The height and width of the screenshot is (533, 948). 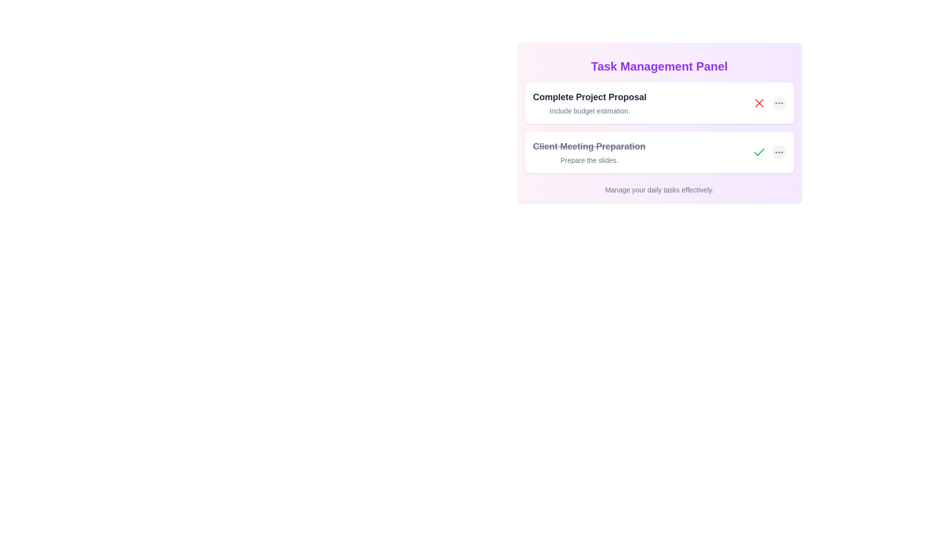 I want to click on the header text 'Task Management Panel', which is styled in a bold and large purple font at the top of the card interface, so click(x=659, y=67).